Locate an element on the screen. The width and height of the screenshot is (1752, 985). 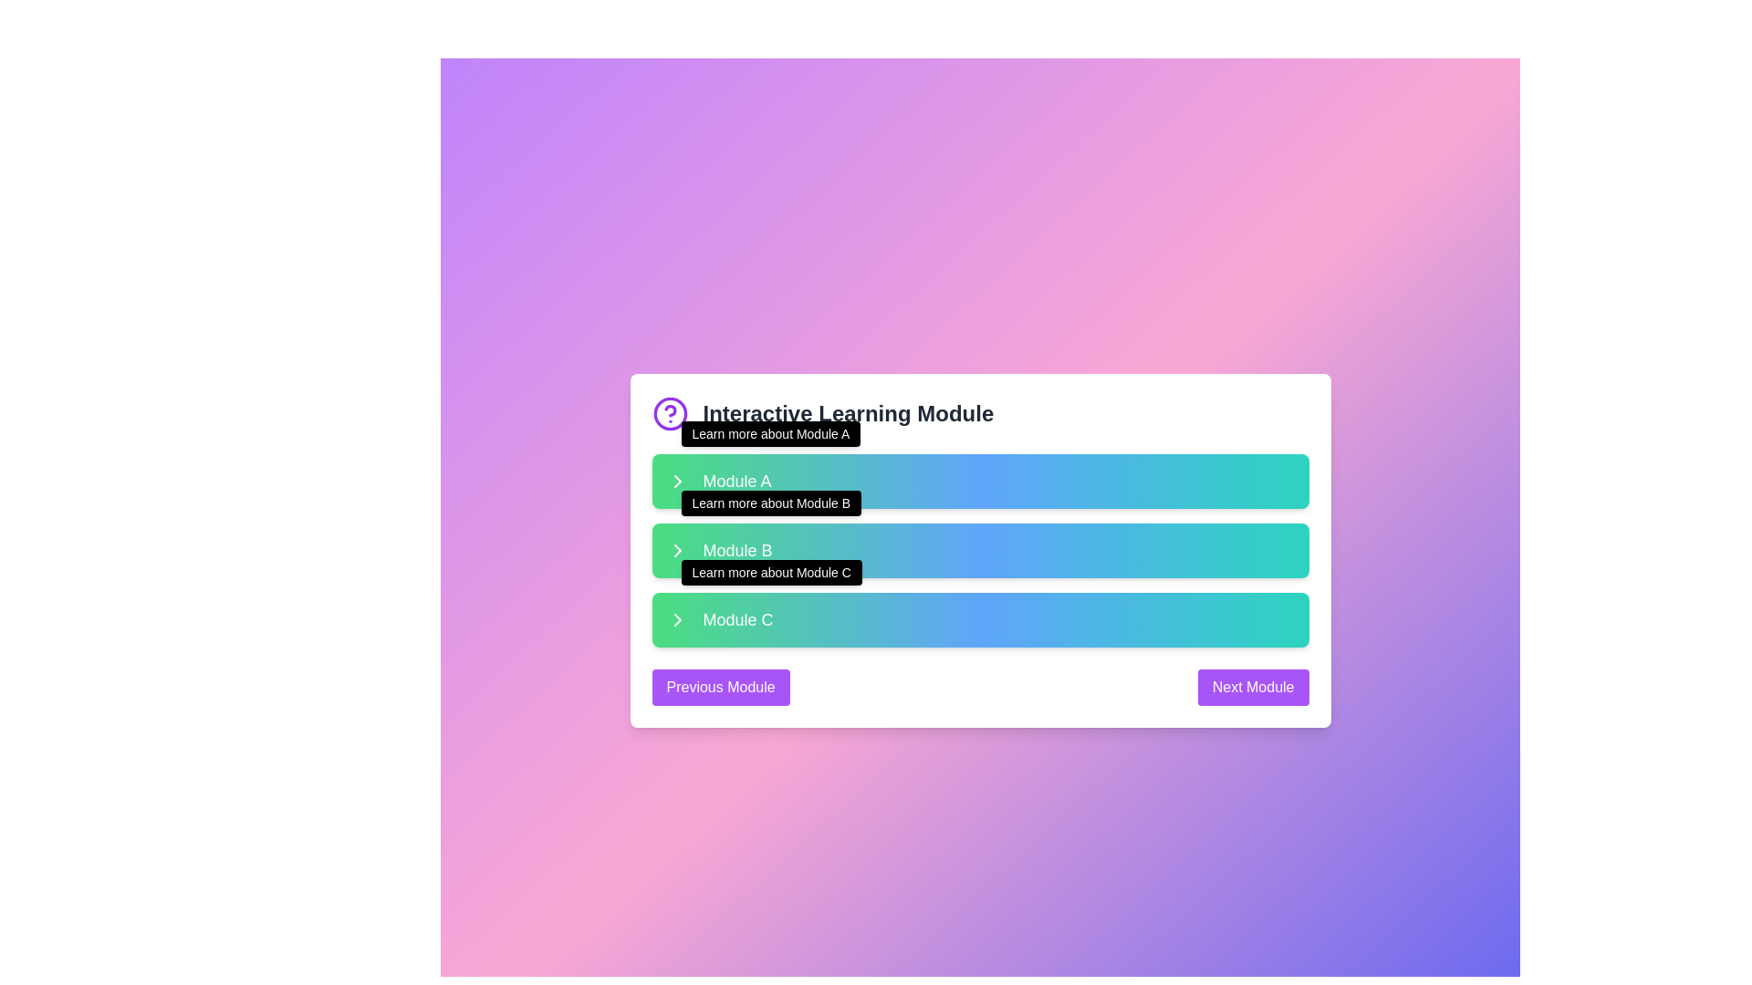
the interactive icon located at the left edge of the green gradient background rectangle containing the text 'Module A' is located at coordinates (676, 481).